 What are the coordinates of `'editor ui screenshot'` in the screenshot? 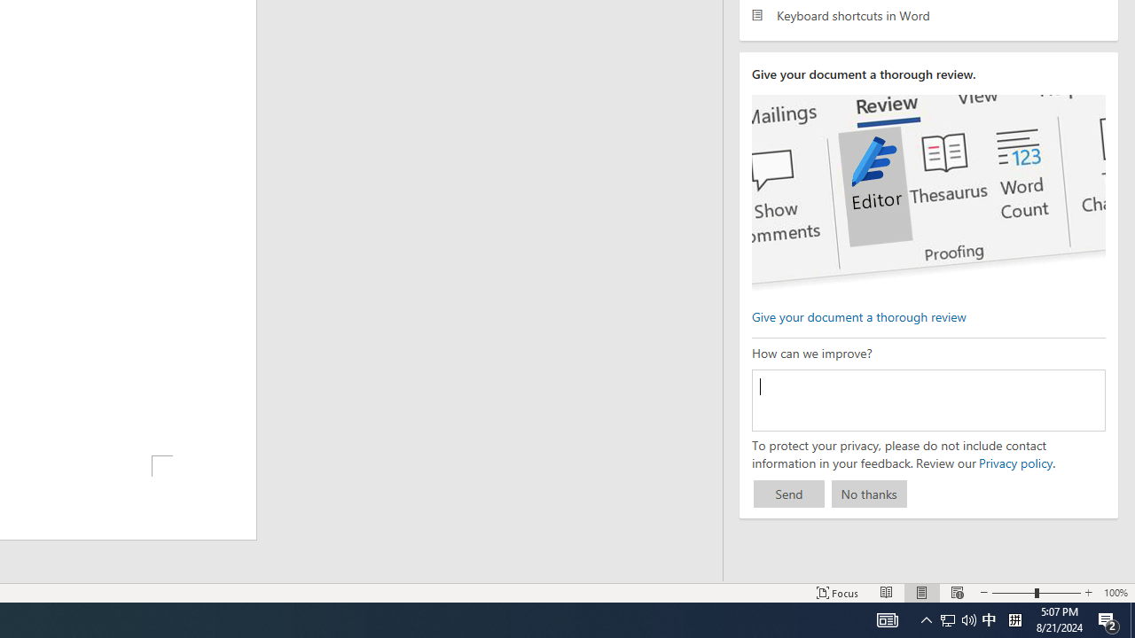 It's located at (928, 193).